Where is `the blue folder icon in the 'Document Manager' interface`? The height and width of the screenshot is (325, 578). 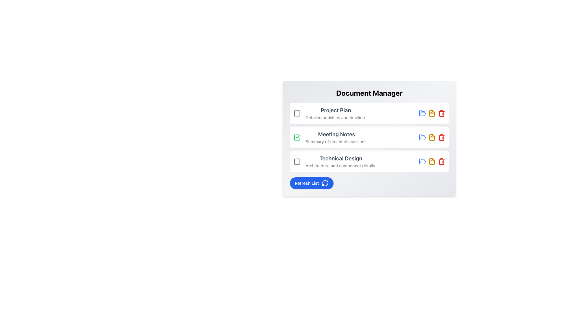 the blue folder icon in the 'Document Manager' interface is located at coordinates (422, 113).